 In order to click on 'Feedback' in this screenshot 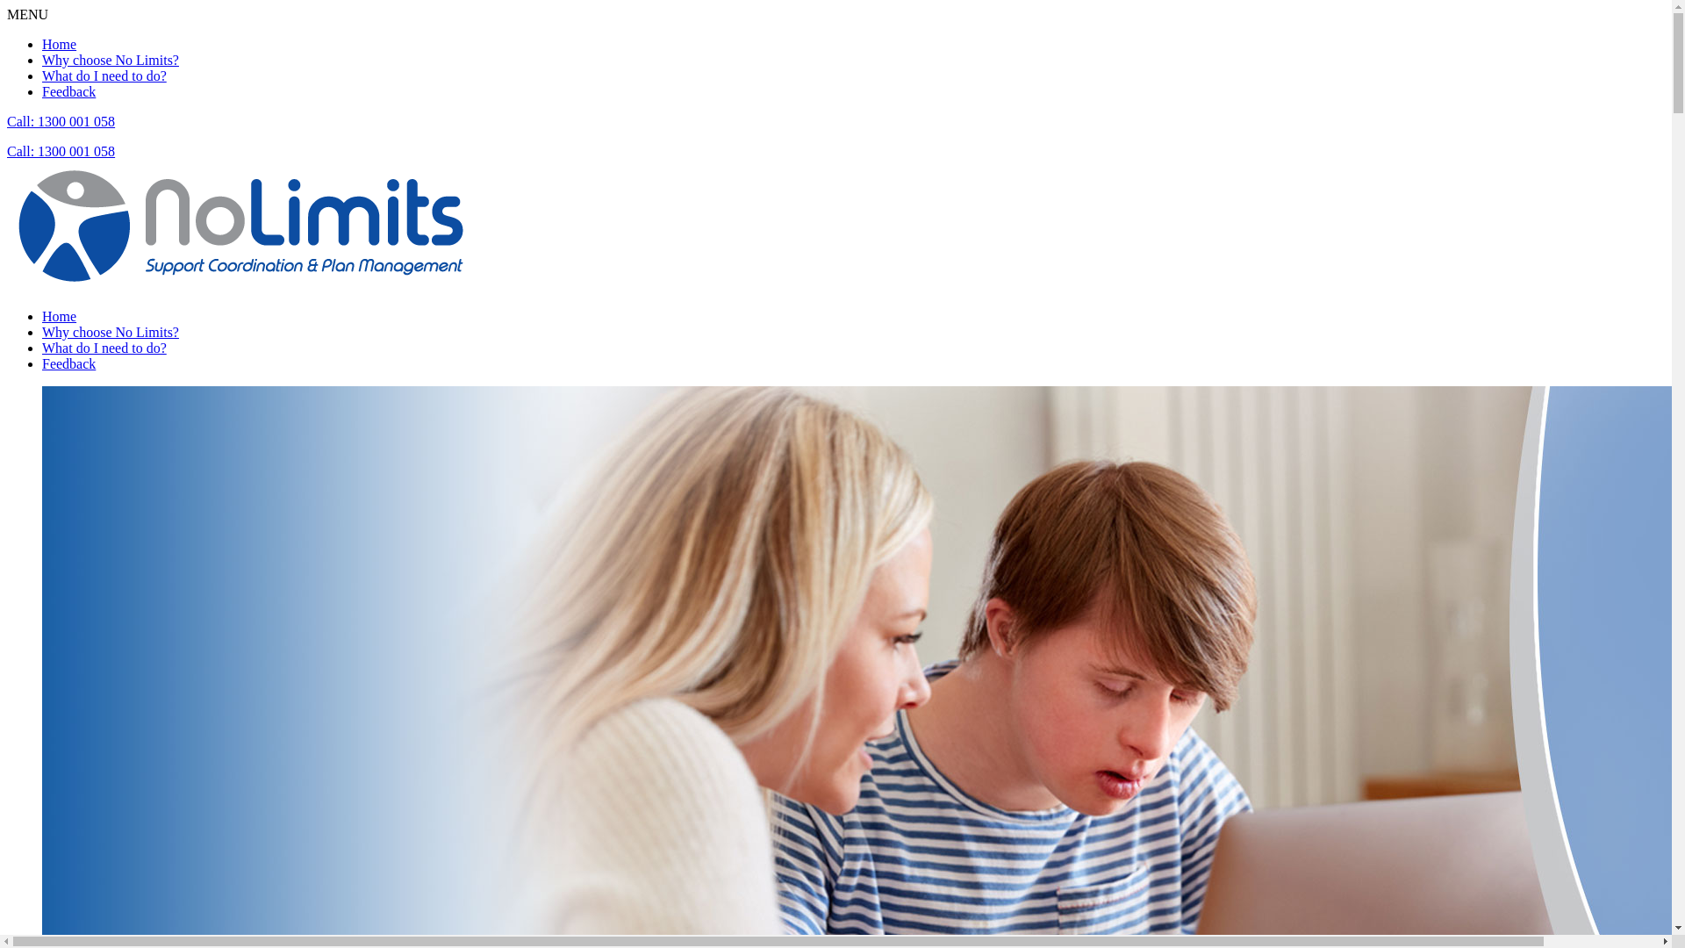, I will do `click(68, 363)`.